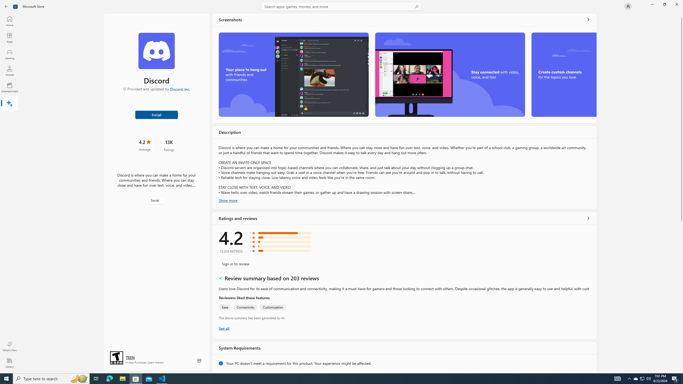  I want to click on 'Age rating: TEEN. Click for more information.', so click(130, 357).